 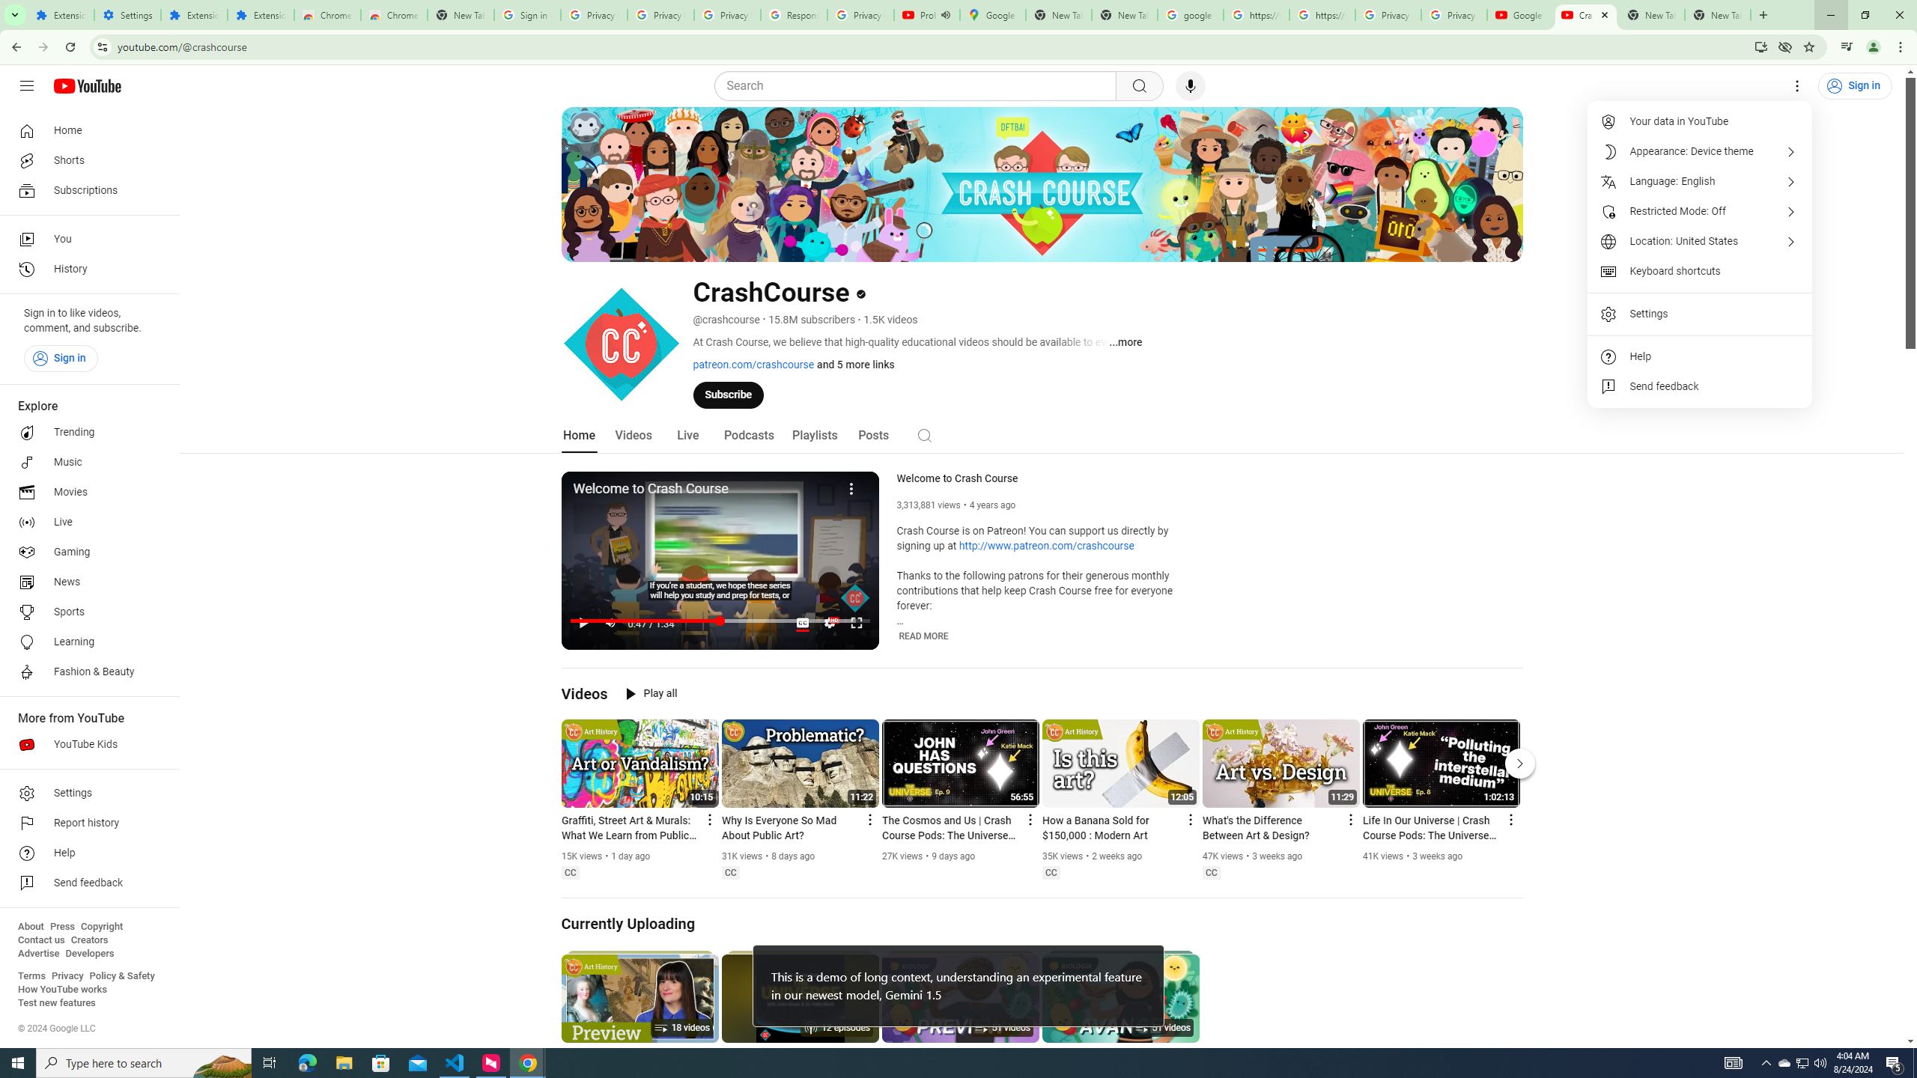 I want to click on 'Videos', so click(x=633, y=435).